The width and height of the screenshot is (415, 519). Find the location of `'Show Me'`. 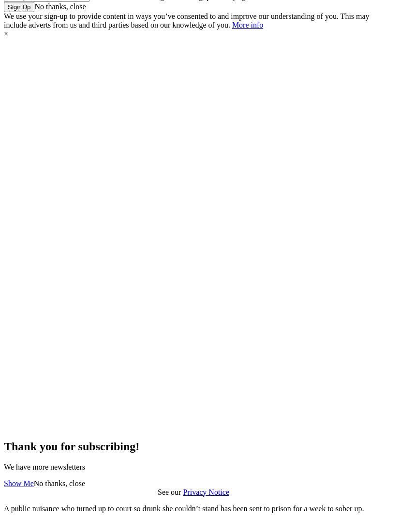

'Show Me' is located at coordinates (3, 482).